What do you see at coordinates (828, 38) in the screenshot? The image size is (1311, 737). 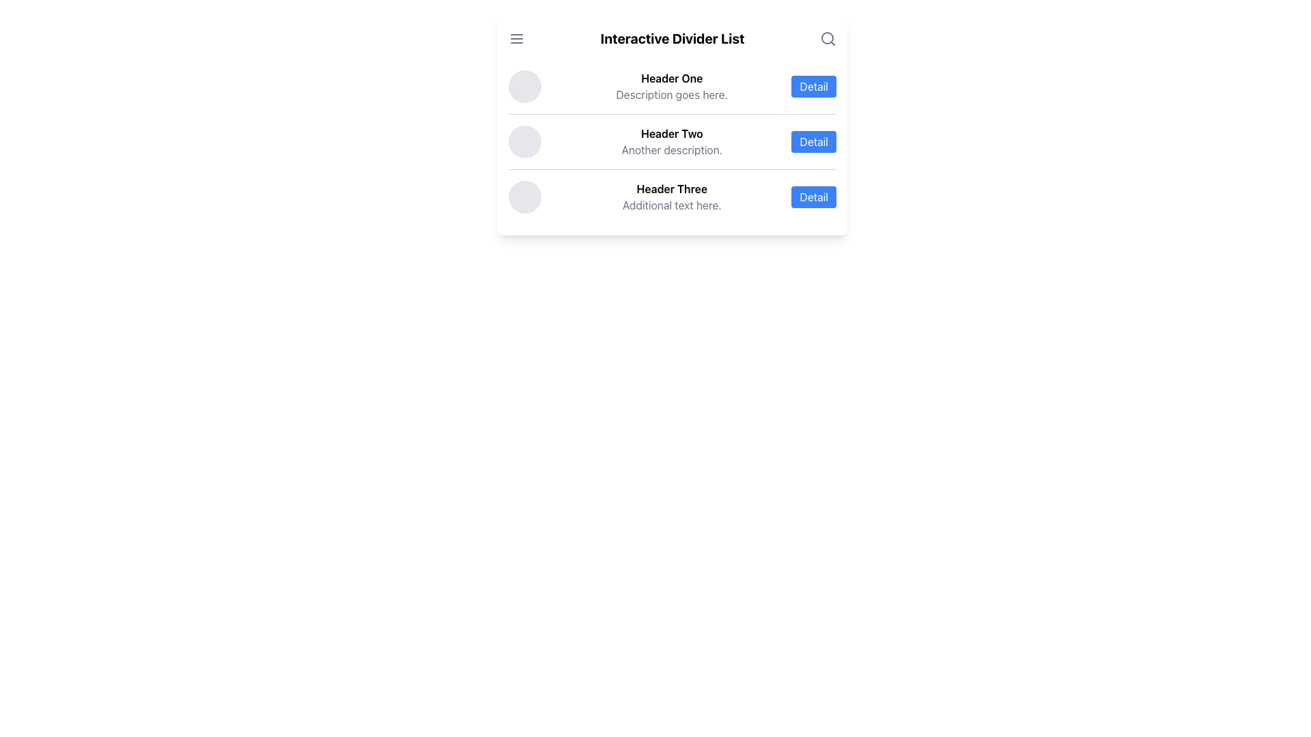 I see `the Search Icon, which is a gray magnifying glass icon located at the far-right end of the header bar next to the 'Interactive Divider List' heading, to trigger tooltip or visual feedback` at bounding box center [828, 38].